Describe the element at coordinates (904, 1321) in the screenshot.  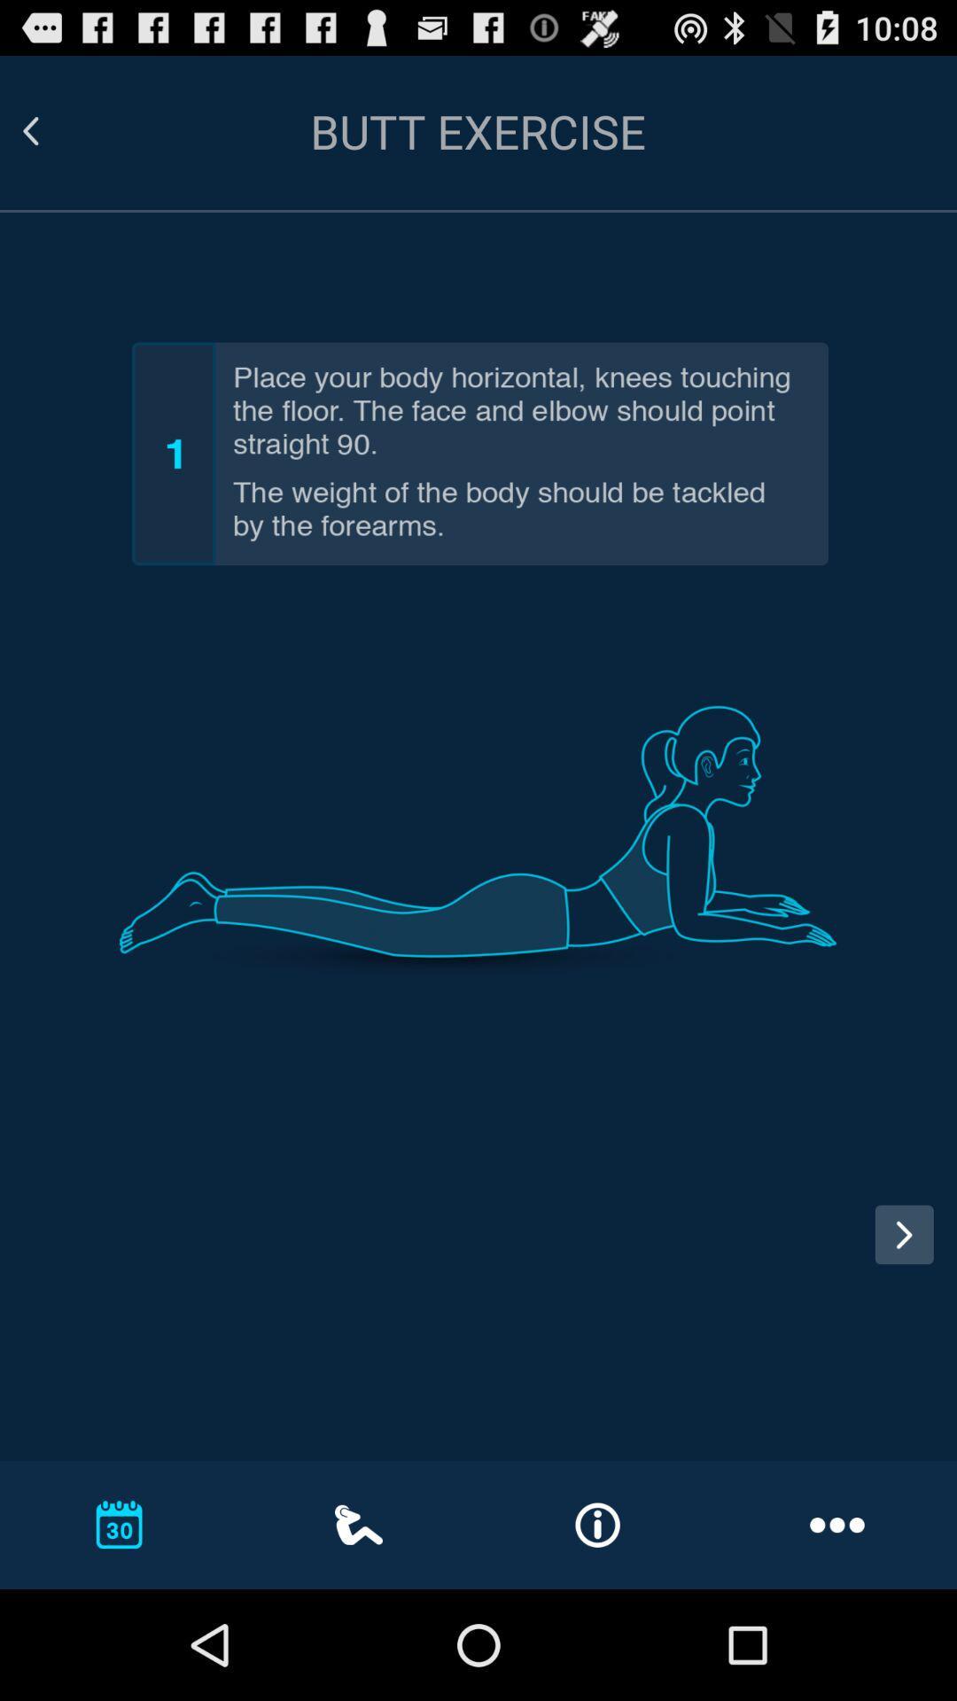
I see `the arrow_forward icon` at that location.